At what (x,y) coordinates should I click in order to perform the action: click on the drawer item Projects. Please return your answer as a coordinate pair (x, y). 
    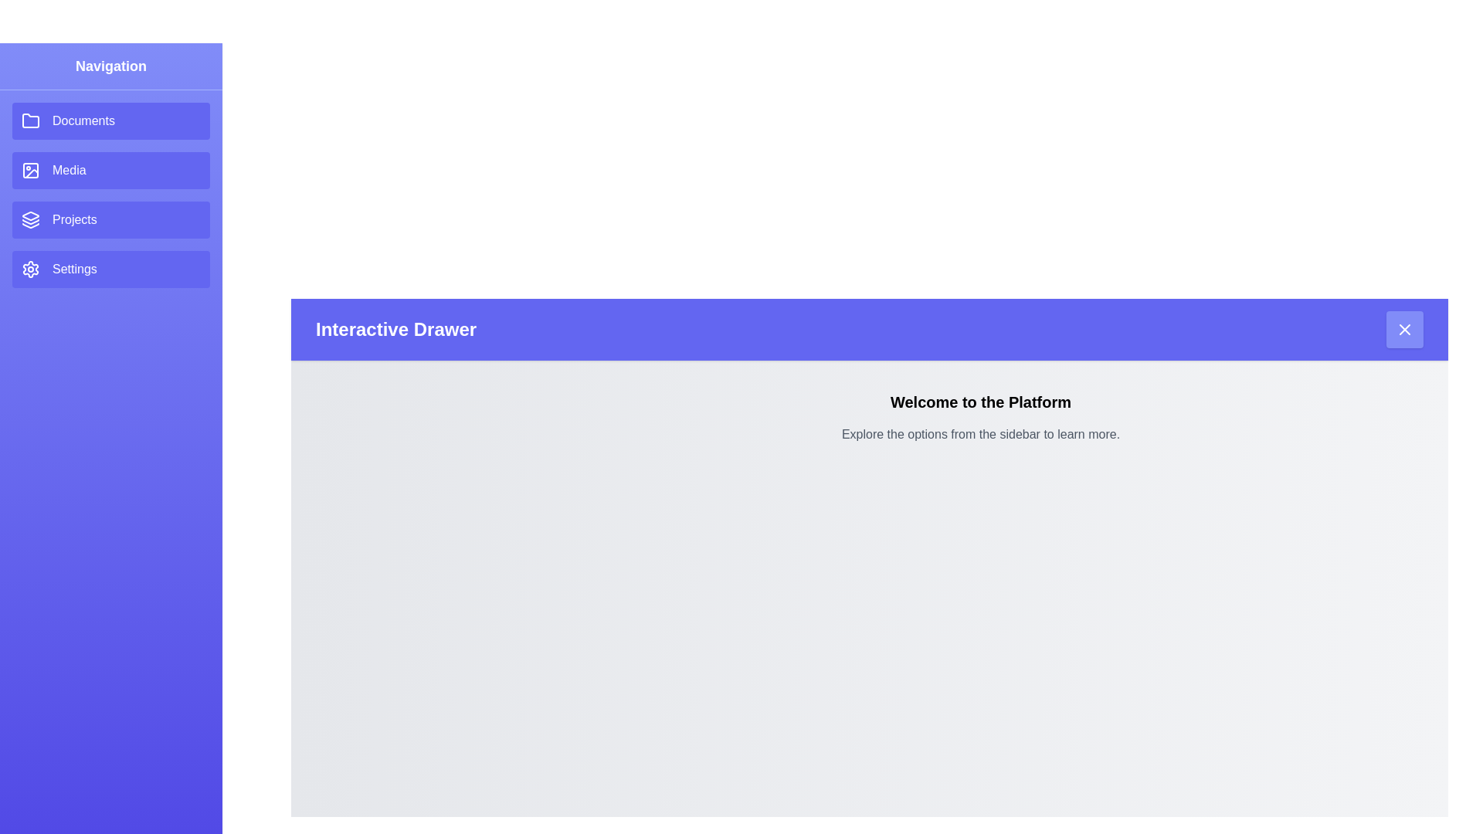
    Looking at the image, I should click on (110, 220).